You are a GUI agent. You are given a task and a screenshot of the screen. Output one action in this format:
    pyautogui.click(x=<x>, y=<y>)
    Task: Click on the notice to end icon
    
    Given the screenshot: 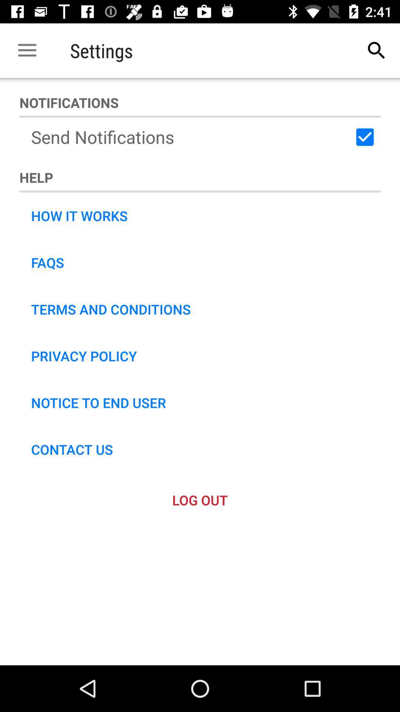 What is the action you would take?
    pyautogui.click(x=98, y=402)
    